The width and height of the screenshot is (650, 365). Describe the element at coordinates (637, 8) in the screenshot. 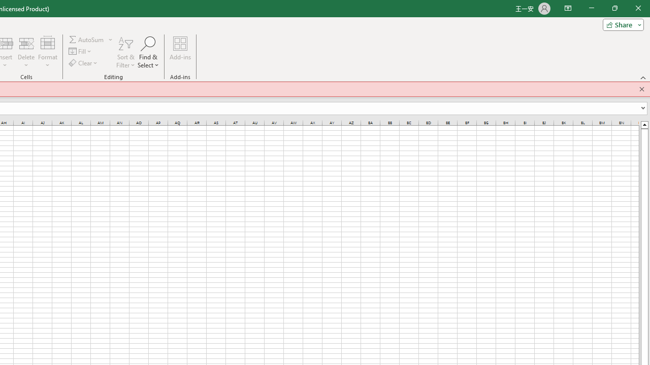

I see `'Close'` at that location.